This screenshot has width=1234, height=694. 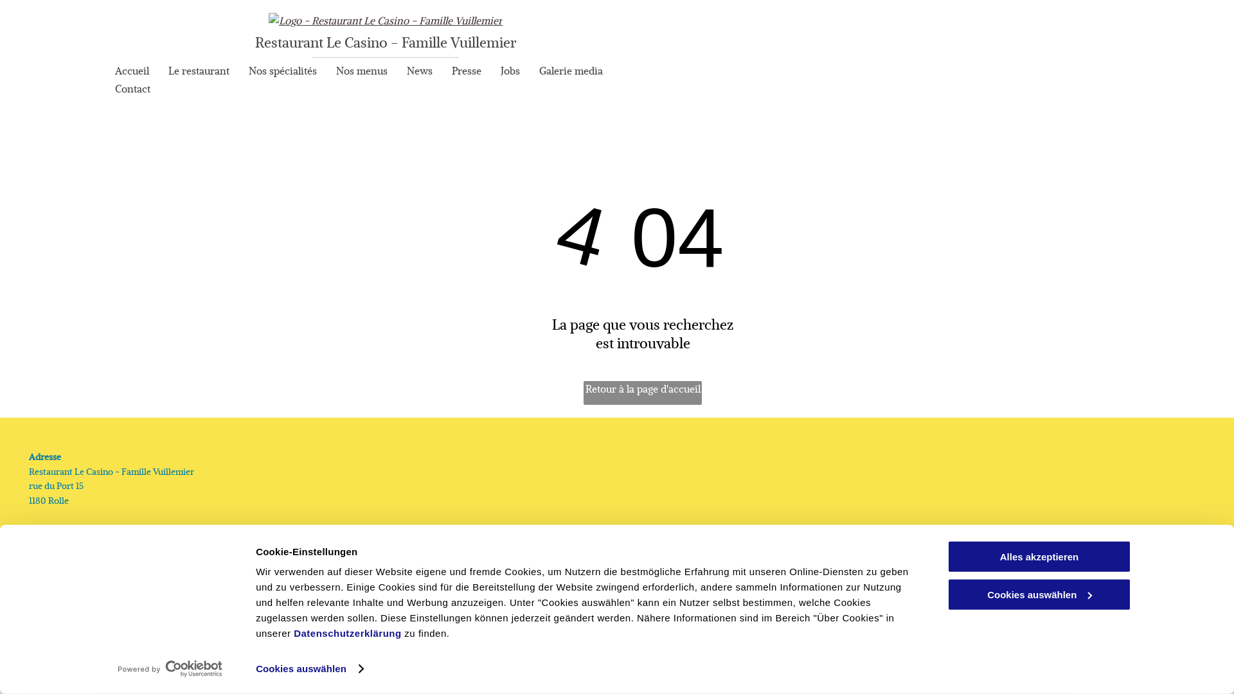 What do you see at coordinates (385, 41) in the screenshot?
I see `'Restaurant Le Casino - Famille Vuillemier'` at bounding box center [385, 41].